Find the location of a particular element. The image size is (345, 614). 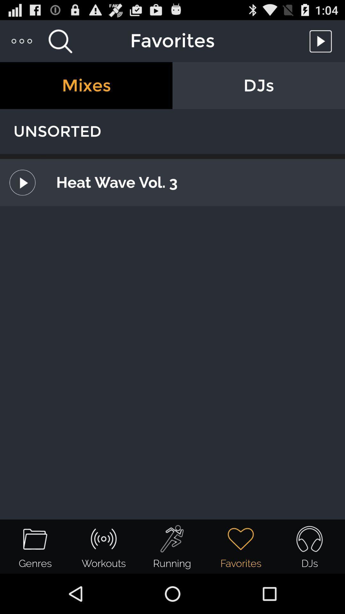

favorites is located at coordinates (322, 41).